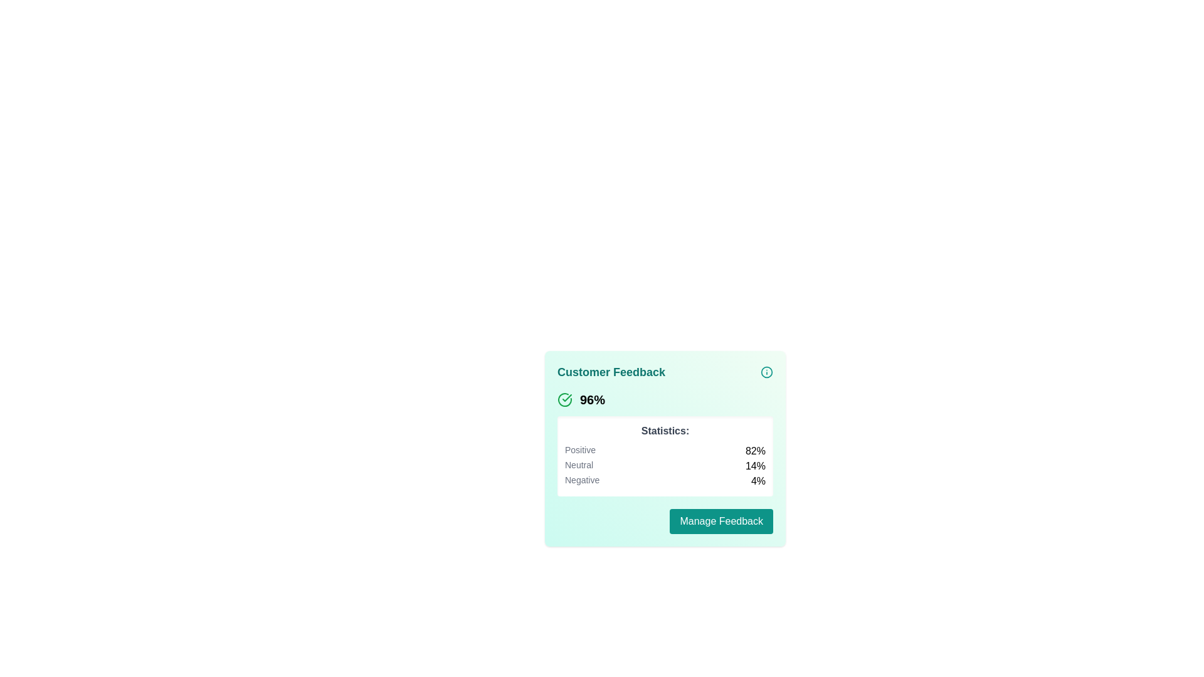 The width and height of the screenshot is (1204, 677). What do you see at coordinates (579, 451) in the screenshot?
I see `the text label that categorizes the adjacent percentage referring to positive feedback, located in the feedback summary card under 'Statistics'` at bounding box center [579, 451].